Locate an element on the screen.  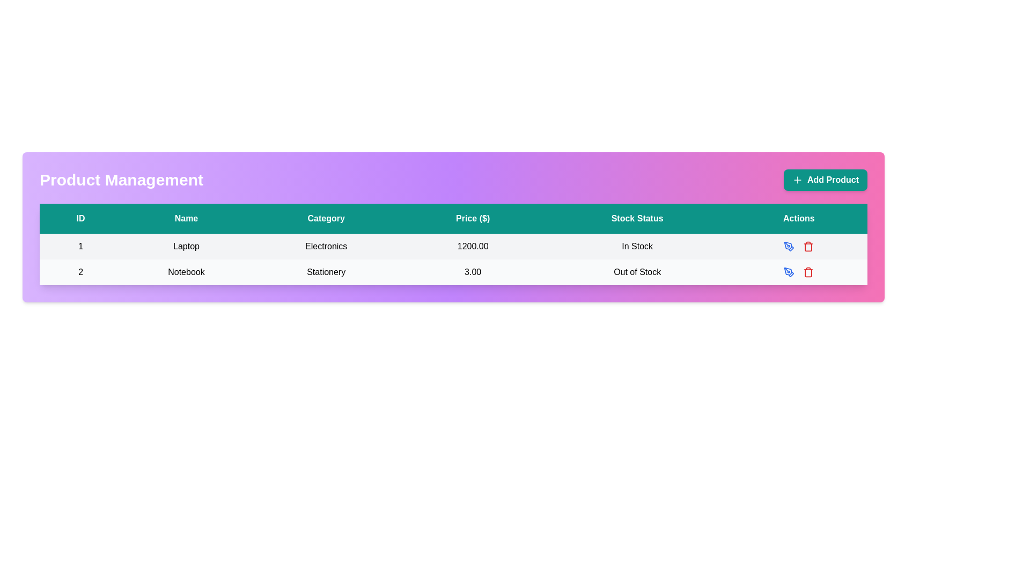
the red trash can icon located at the right end of the first row in the 'Actions' column of the table is located at coordinates (798, 246).